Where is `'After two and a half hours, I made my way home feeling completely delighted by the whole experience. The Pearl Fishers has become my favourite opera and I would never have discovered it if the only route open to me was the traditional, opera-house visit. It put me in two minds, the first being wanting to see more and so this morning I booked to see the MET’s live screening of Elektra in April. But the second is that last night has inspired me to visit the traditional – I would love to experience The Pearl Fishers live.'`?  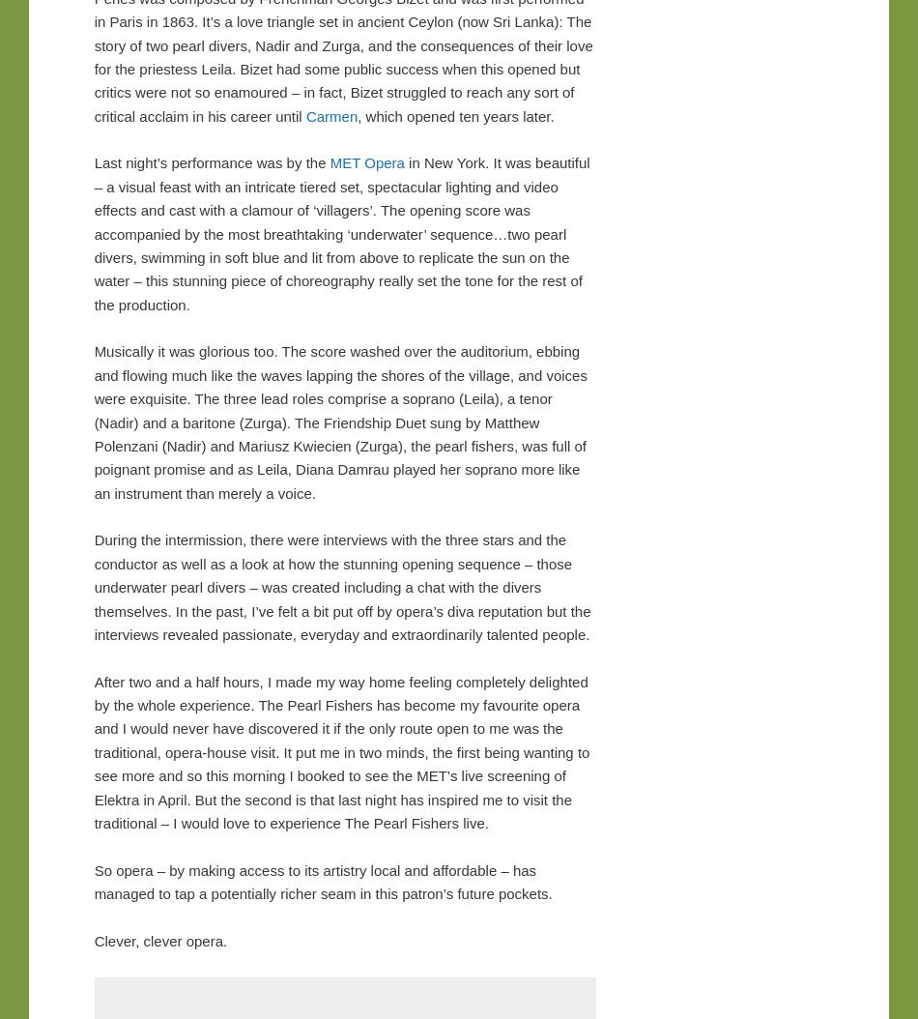
'After two and a half hours, I made my way home feeling completely delighted by the whole experience. The Pearl Fishers has become my favourite opera and I would never have discovered it if the only route open to me was the traditional, opera-house visit. It put me in two minds, the first being wanting to see more and so this morning I booked to see the MET’s live screening of Elektra in April. But the second is that last night has inspired me to visit the traditional – I would love to experience The Pearl Fishers live.' is located at coordinates (340, 751).